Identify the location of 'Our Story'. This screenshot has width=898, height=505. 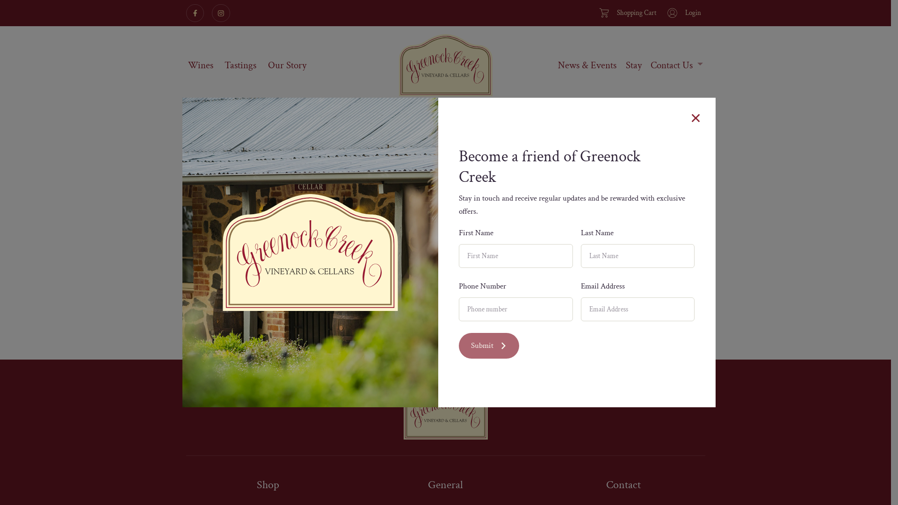
(286, 65).